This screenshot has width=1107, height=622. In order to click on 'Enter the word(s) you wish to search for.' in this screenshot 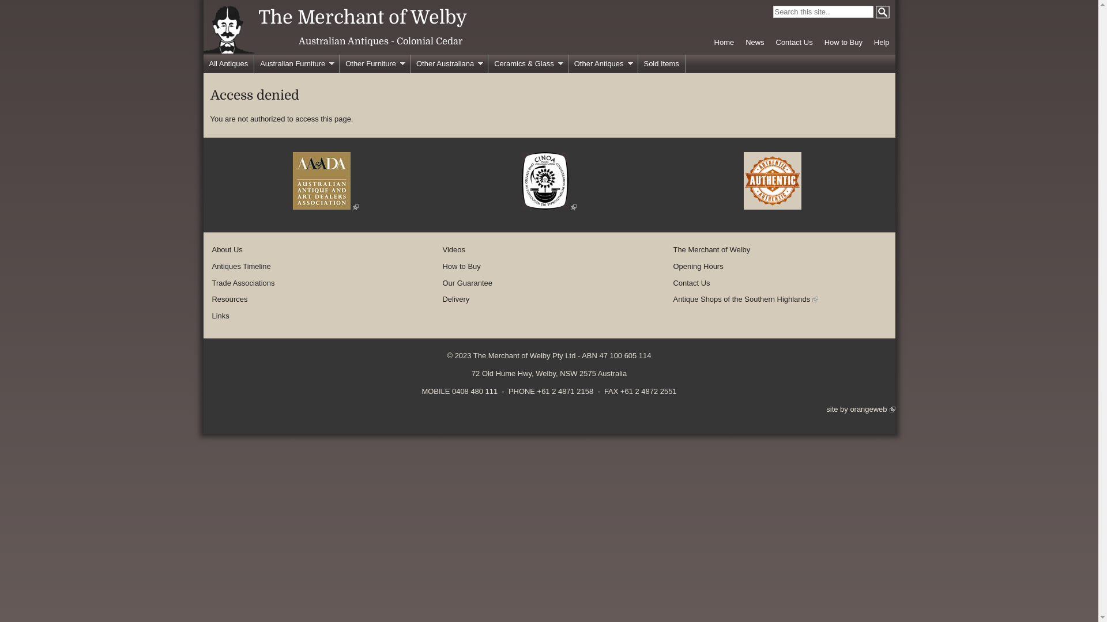, I will do `click(822, 12)`.